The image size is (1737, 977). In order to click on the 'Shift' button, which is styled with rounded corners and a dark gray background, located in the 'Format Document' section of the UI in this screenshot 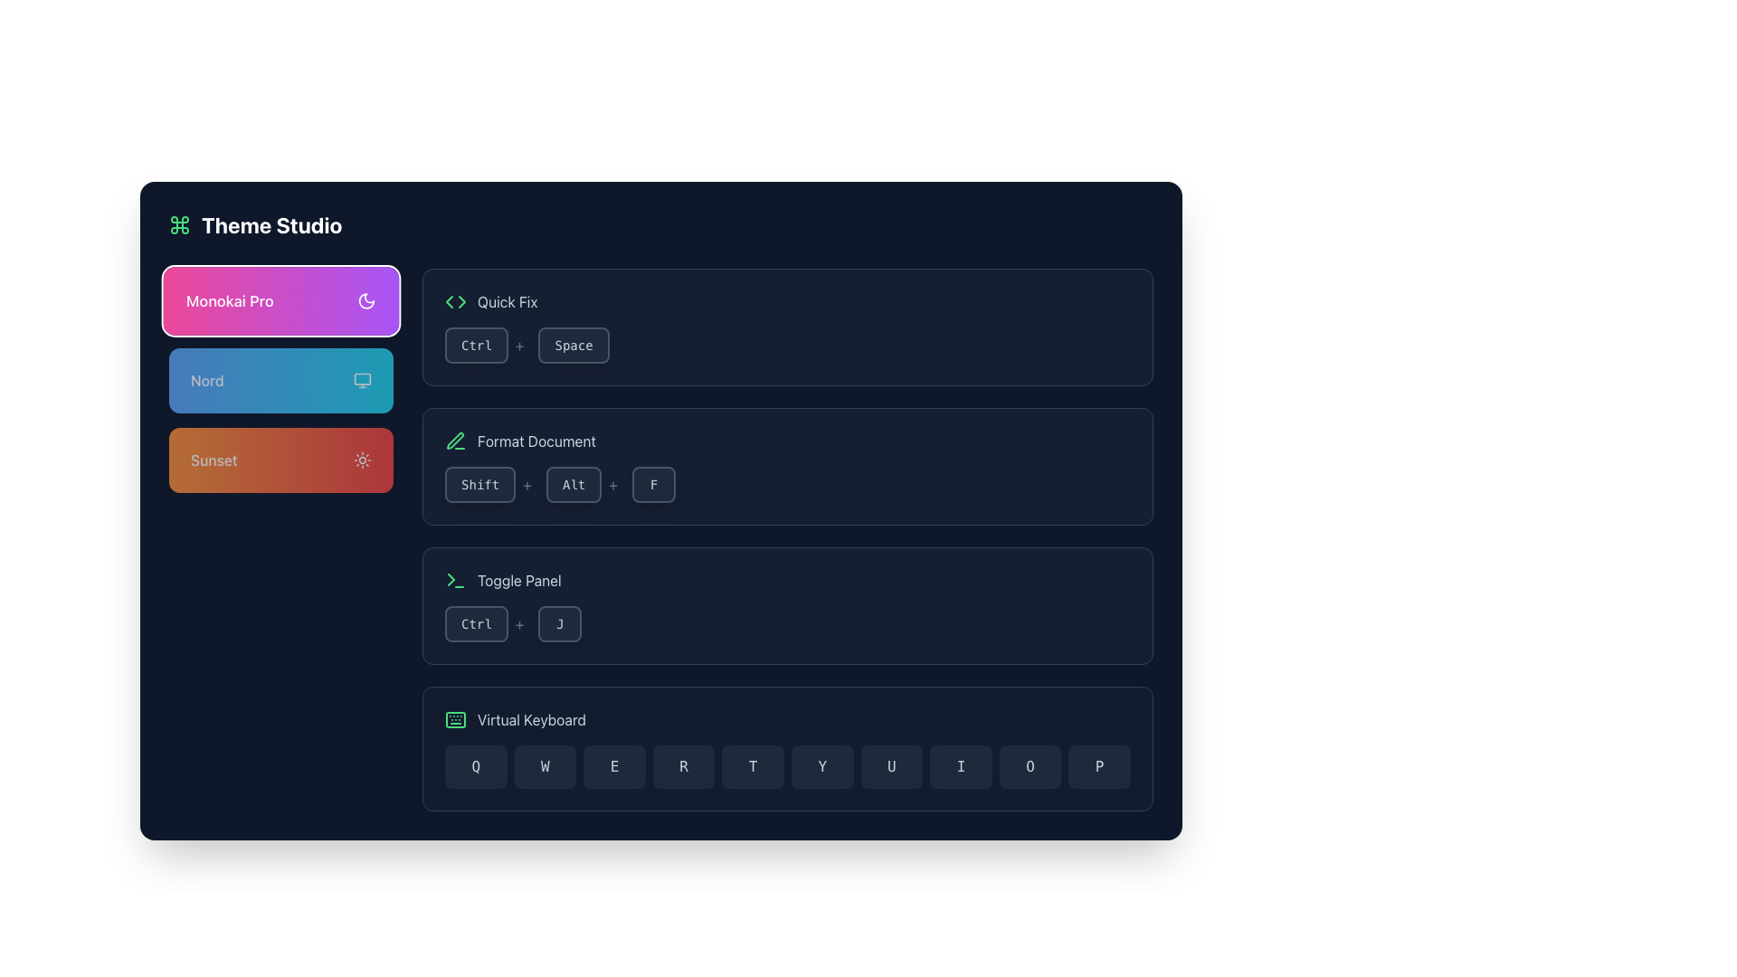, I will do `click(480, 484)`.